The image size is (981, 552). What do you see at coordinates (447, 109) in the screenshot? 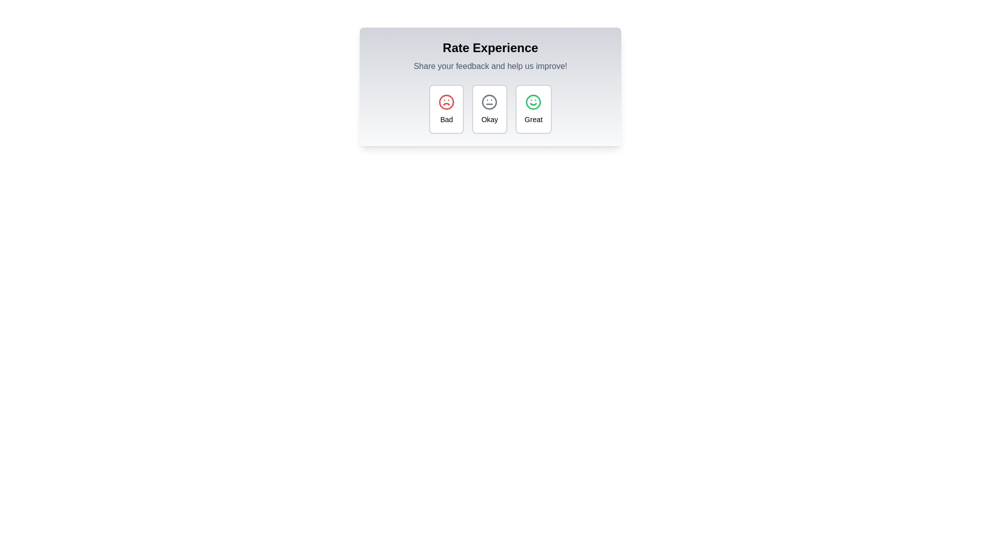
I see `the negative feedback button located beneath the 'Rate Experience' text, which is the first button from the left in a row of three buttons` at bounding box center [447, 109].